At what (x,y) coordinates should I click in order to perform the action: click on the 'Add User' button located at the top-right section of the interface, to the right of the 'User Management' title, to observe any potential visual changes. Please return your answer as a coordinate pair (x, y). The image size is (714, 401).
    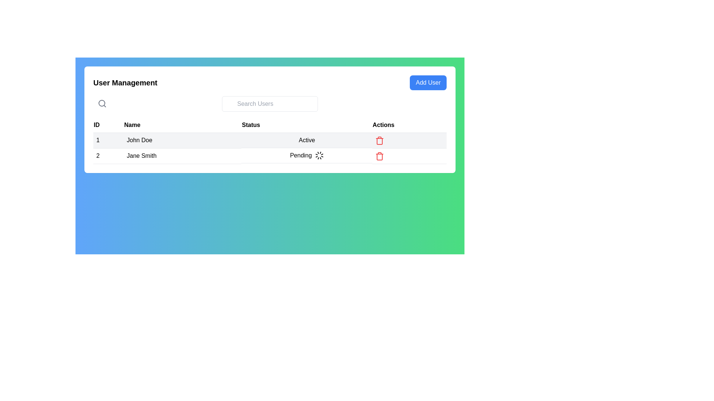
    Looking at the image, I should click on (428, 83).